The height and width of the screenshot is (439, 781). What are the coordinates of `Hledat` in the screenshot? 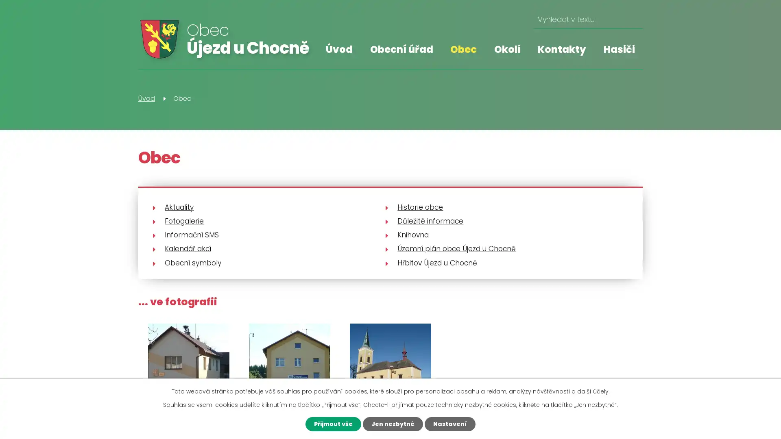 It's located at (633, 19).